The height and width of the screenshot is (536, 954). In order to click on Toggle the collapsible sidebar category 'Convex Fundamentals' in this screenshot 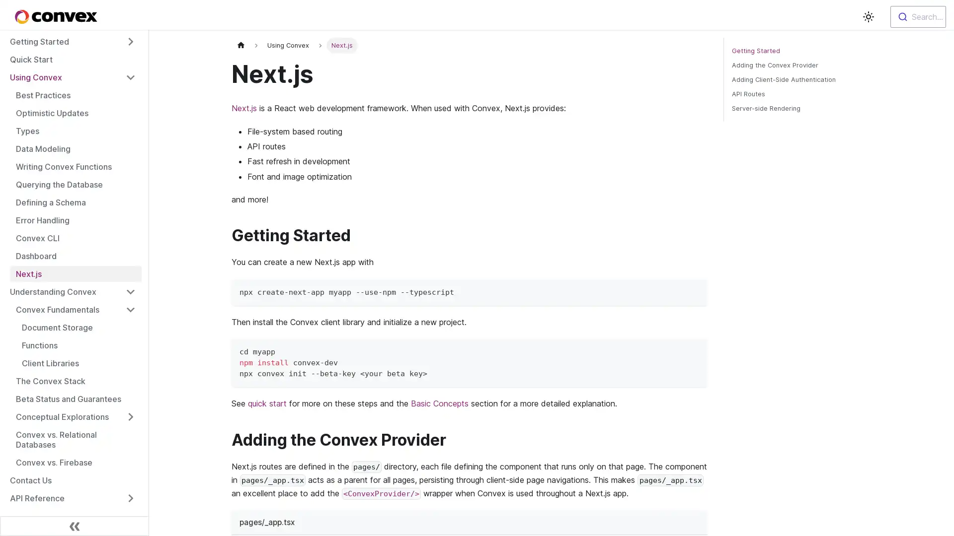, I will do `click(130, 309)`.